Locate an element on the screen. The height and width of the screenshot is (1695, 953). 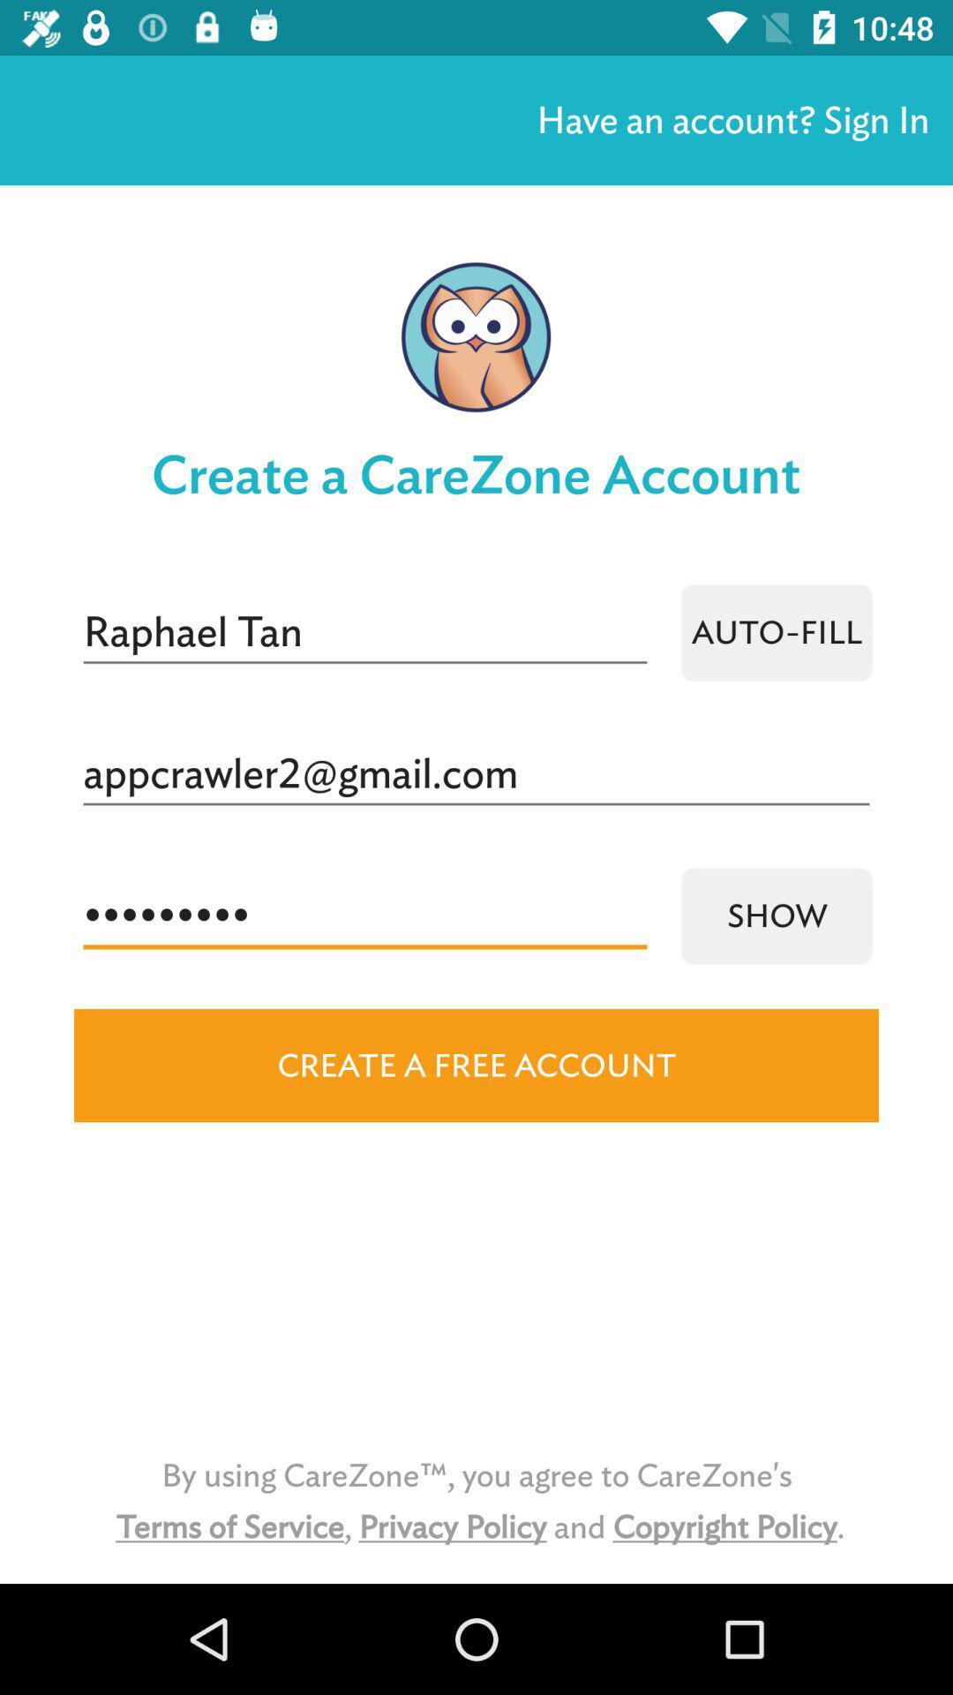
raphael tan is located at coordinates (364, 632).